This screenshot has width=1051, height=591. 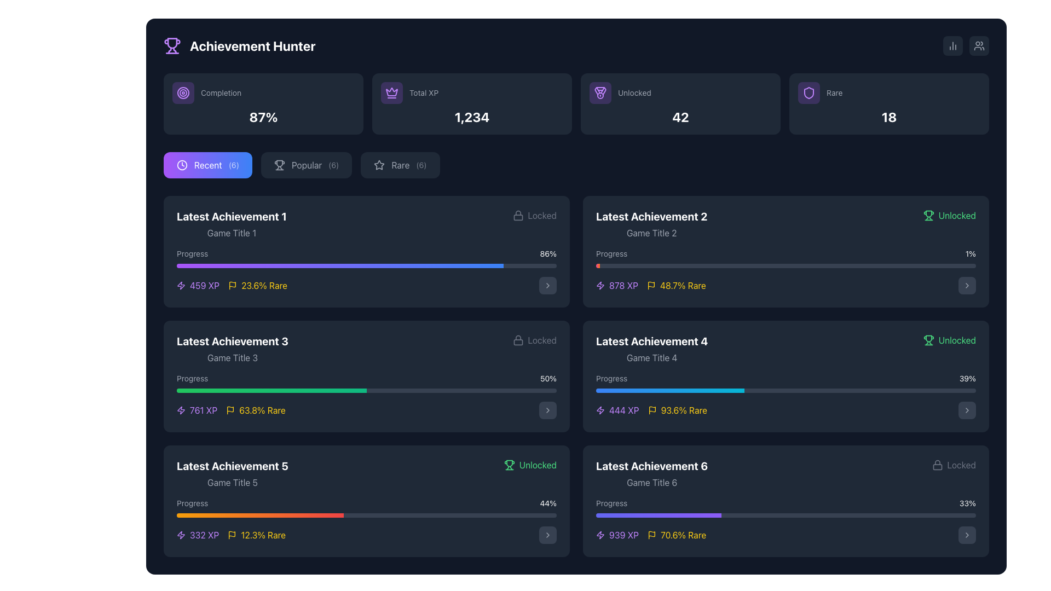 What do you see at coordinates (232, 535) in the screenshot?
I see `the flag icon that represents rarity, positioned to the left of the text '12.3% Rare' in the achievement summary` at bounding box center [232, 535].